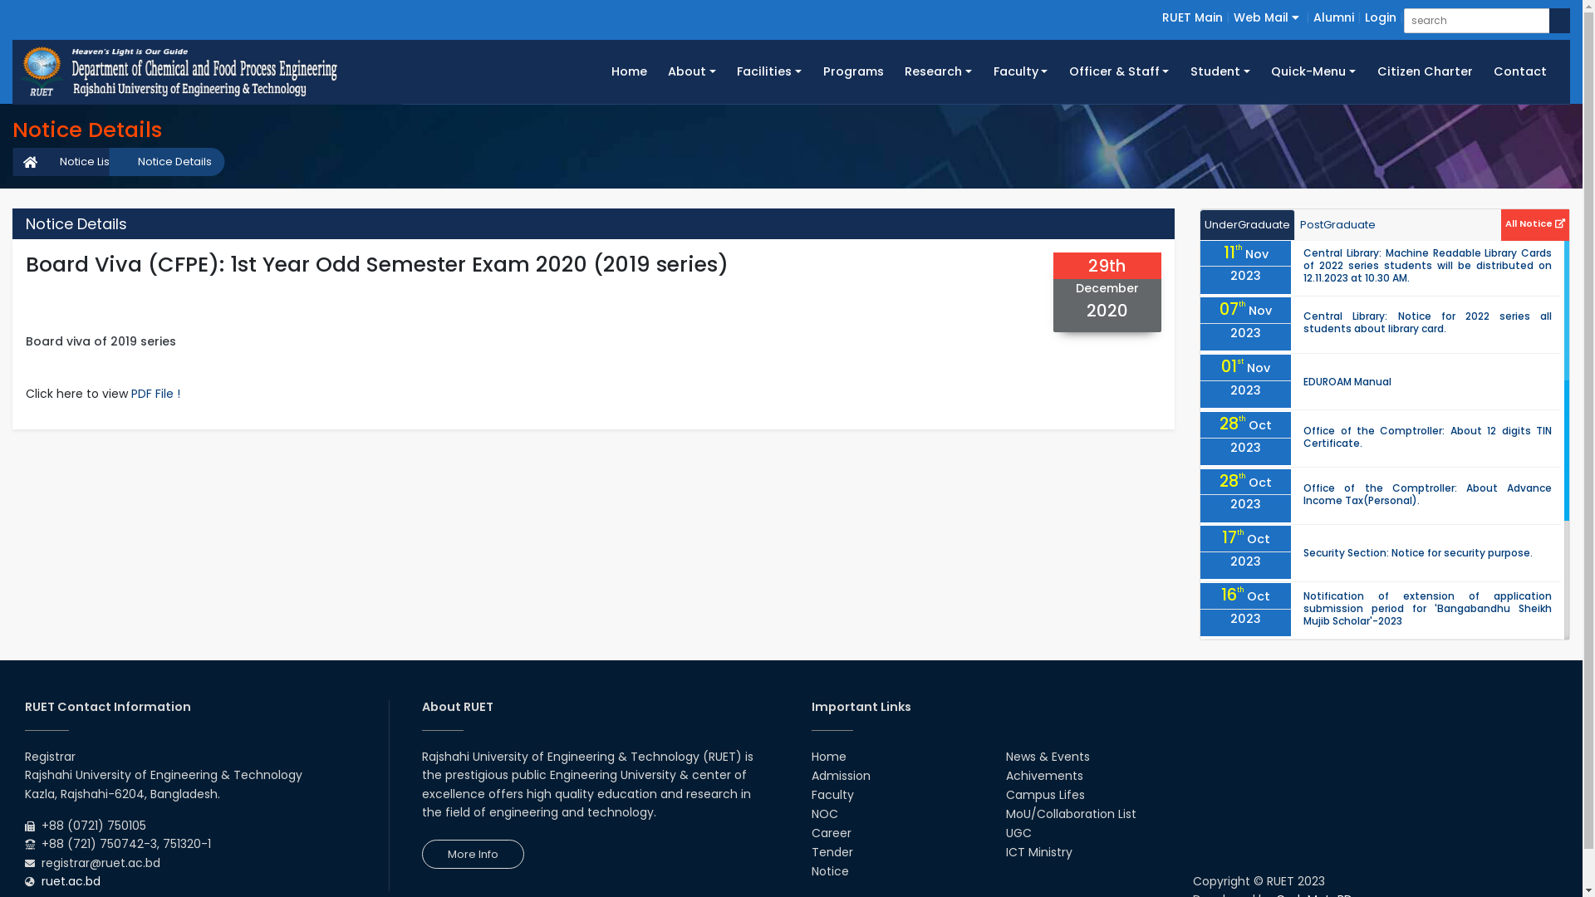 The height and width of the screenshot is (897, 1595). What do you see at coordinates (840, 775) in the screenshot?
I see `'Admission'` at bounding box center [840, 775].